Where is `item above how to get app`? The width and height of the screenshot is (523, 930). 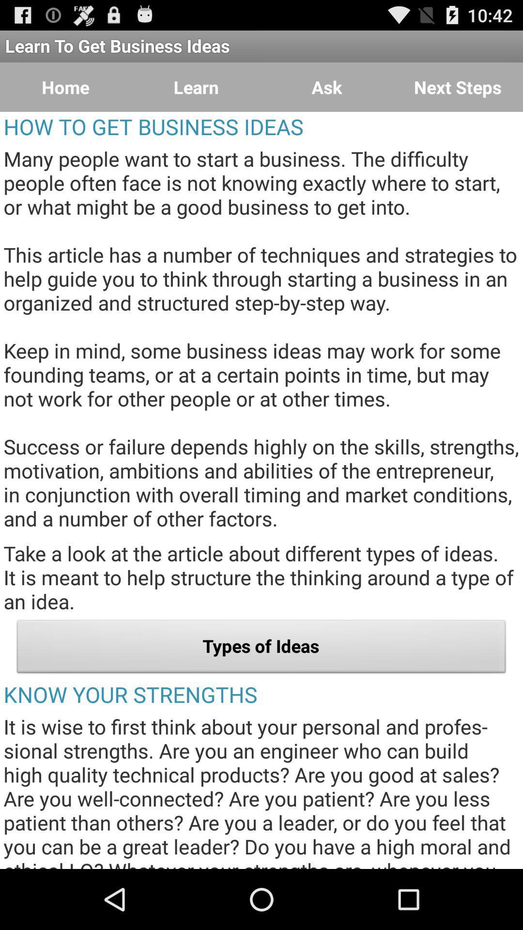 item above how to get app is located at coordinates (327, 87).